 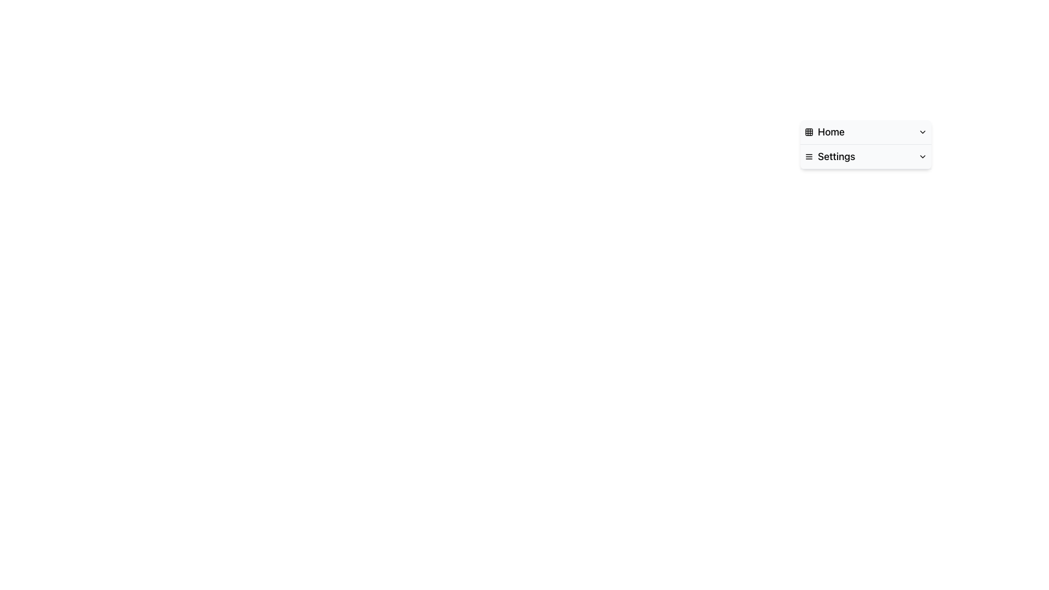 I want to click on the 'Home' text label, so click(x=830, y=132).